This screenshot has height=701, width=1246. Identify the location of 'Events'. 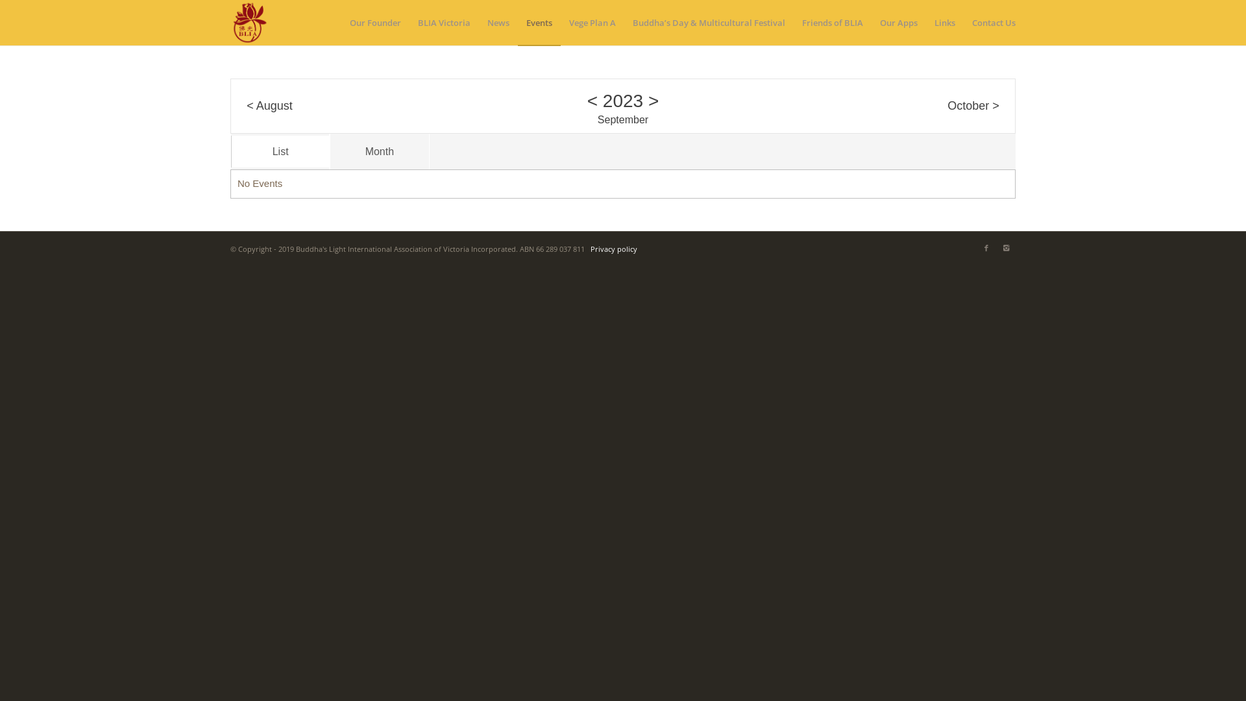
(539, 22).